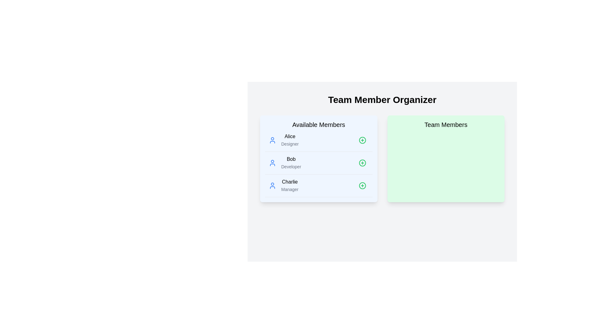 Image resolution: width=598 pixels, height=336 pixels. What do you see at coordinates (445, 125) in the screenshot?
I see `text of the Label that serves as a title for the 'Team Members' section, positioned at the top of a rounded green background on the right side of the interface` at bounding box center [445, 125].